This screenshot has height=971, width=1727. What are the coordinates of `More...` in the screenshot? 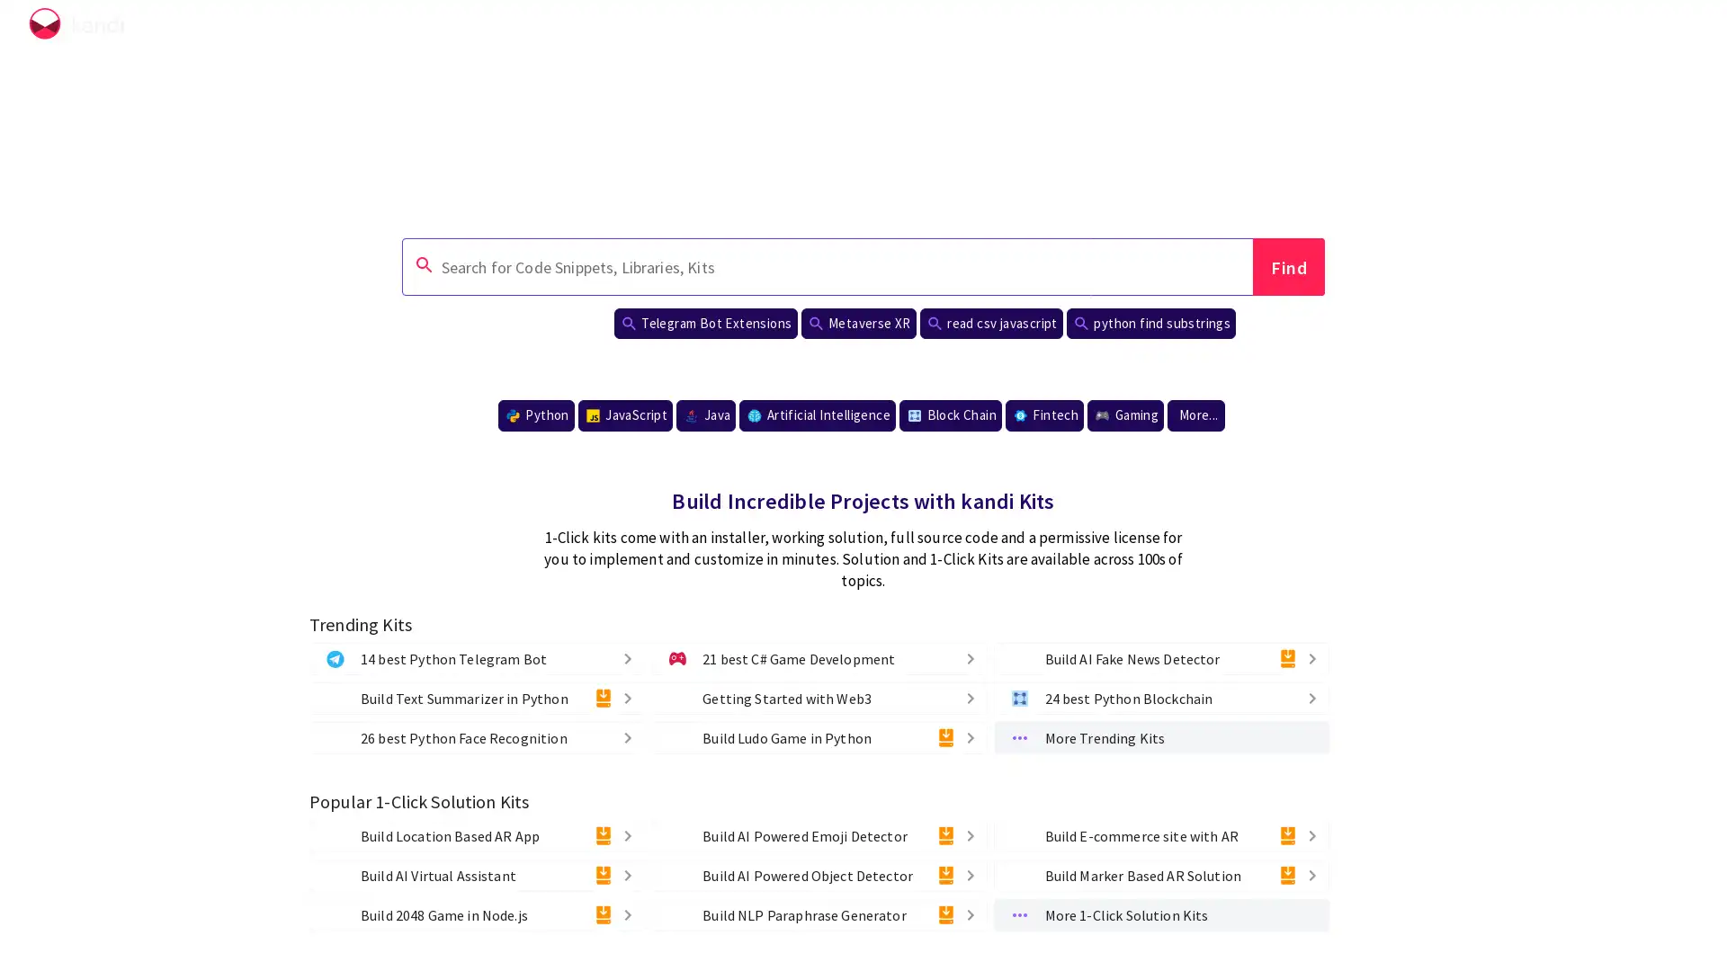 It's located at (1195, 415).